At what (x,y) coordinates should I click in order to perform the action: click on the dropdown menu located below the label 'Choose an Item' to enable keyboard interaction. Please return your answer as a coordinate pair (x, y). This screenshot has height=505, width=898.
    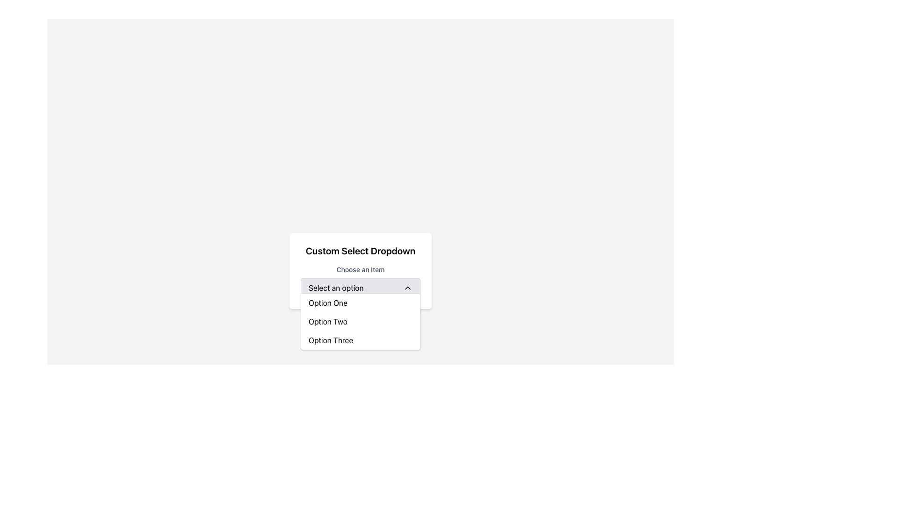
    Looking at the image, I should click on (360, 288).